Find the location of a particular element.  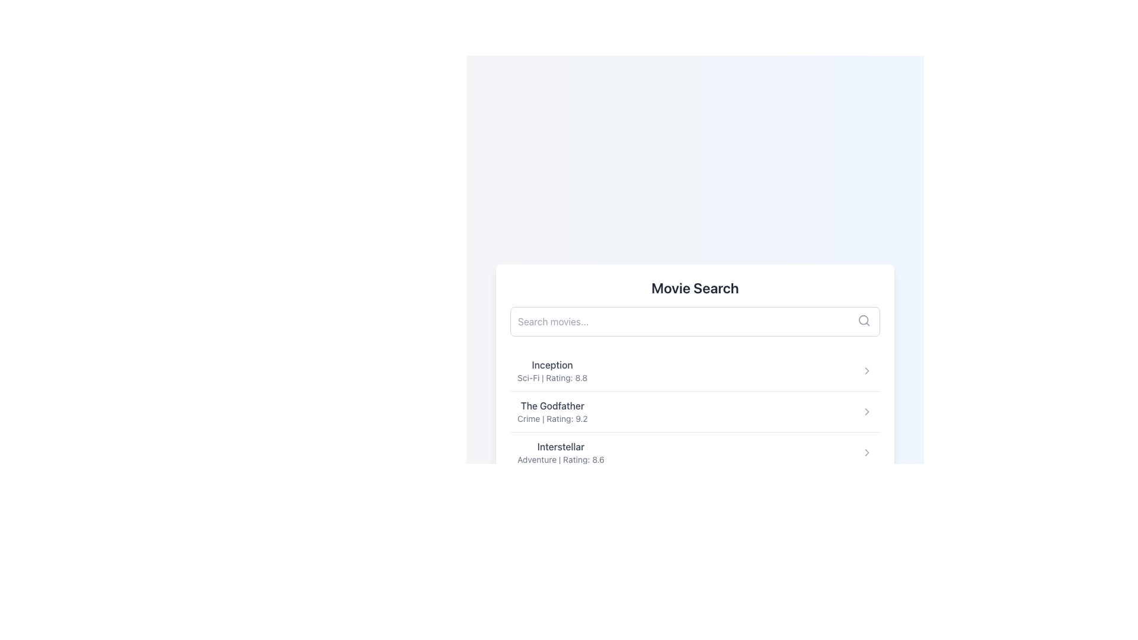

the 'Movie Search' text label which is displayed in a larger, bold font style at the top of the interface, above the search bar is located at coordinates (695, 288).